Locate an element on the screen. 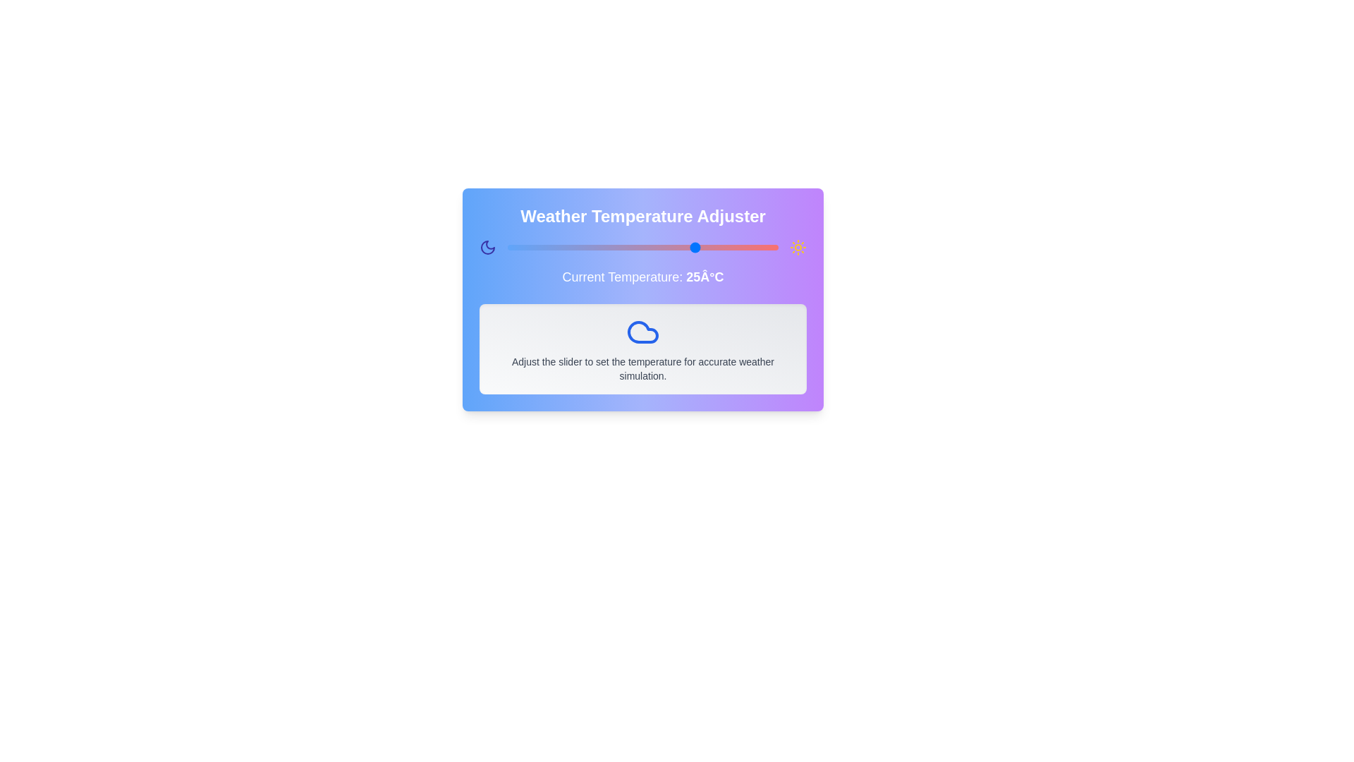  the temperature slider to set the temperature to 38 degrees Celsius is located at coordinates (767, 247).